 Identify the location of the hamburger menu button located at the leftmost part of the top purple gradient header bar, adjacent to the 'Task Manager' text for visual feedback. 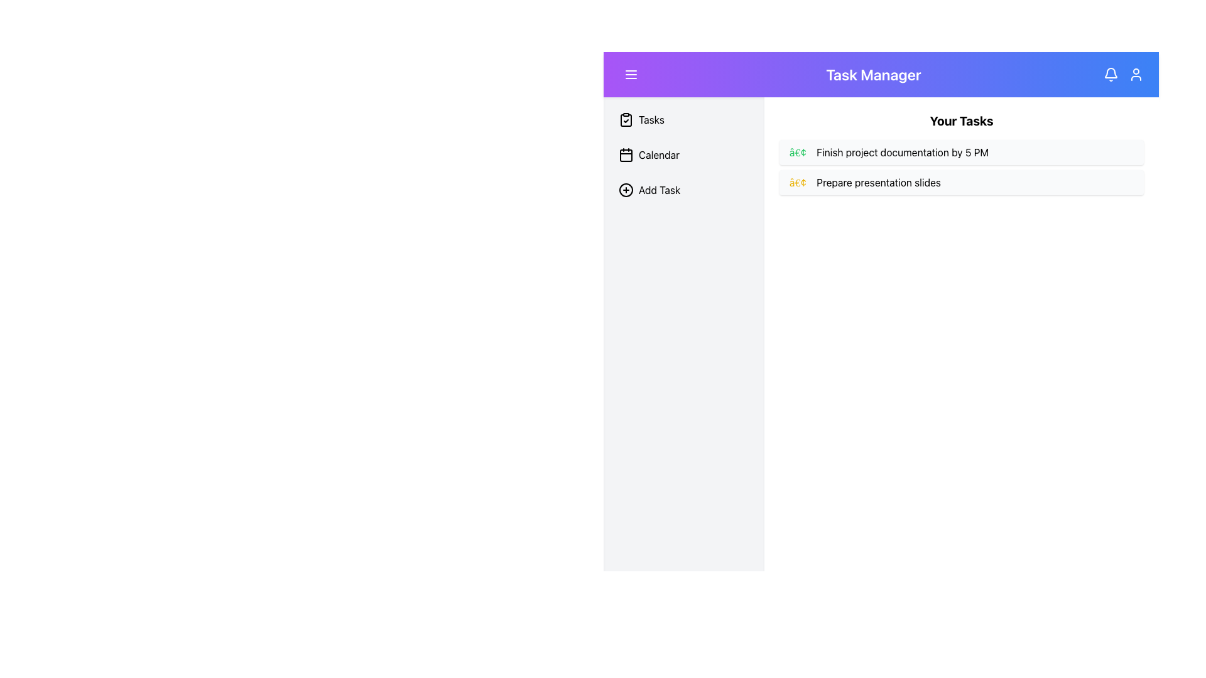
(631, 75).